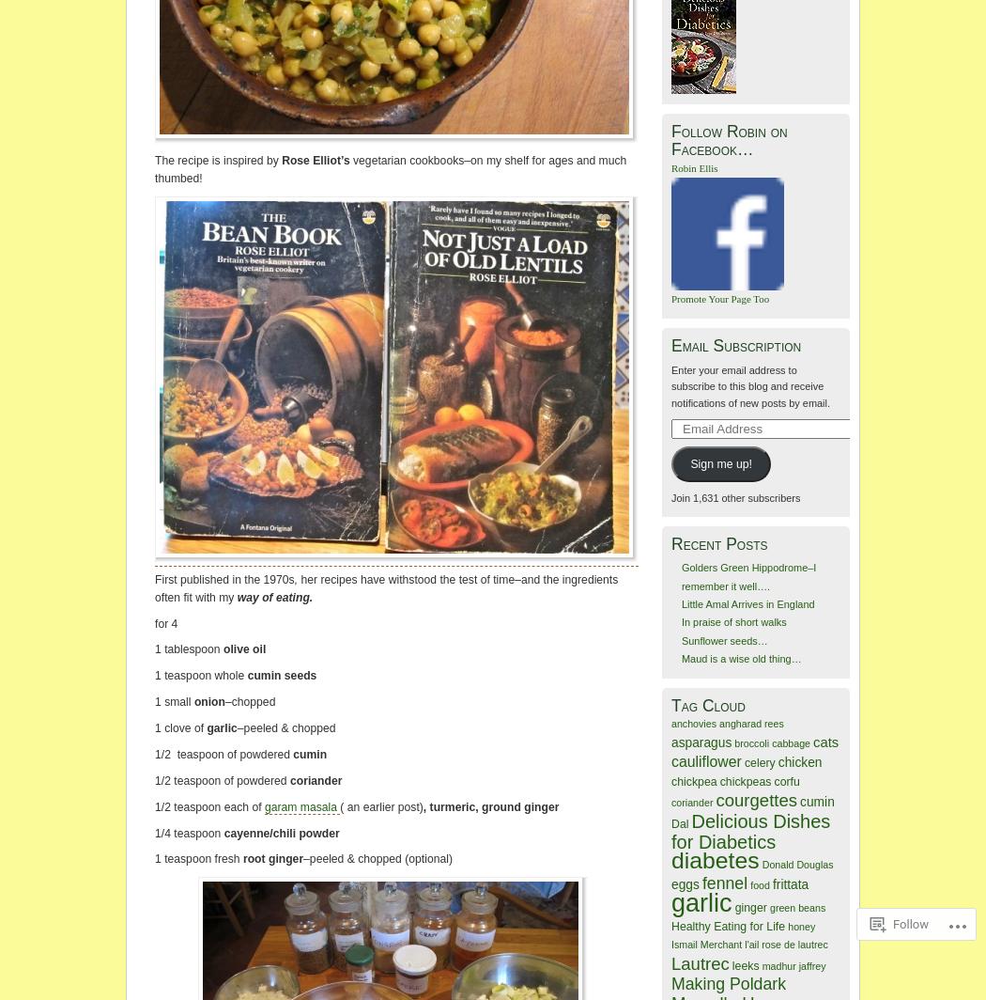 The image size is (986, 1000). I want to click on 'garam masala', so click(301, 806).